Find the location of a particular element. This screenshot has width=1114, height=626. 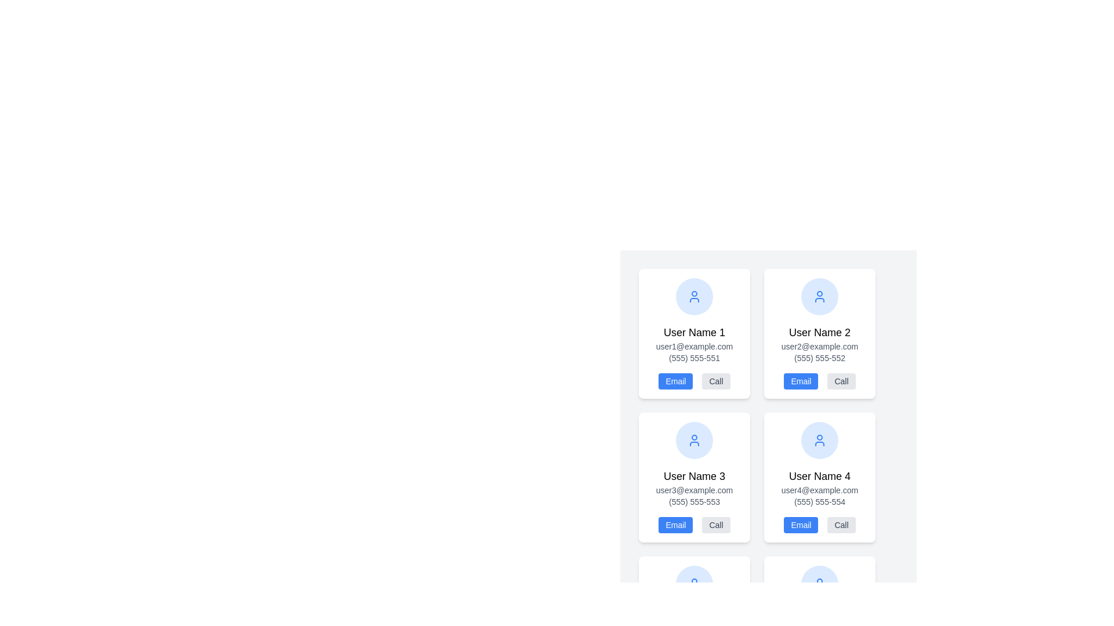

the Text Display element that shows the phone number '(555) 555-551', which is located beneath the email address 'user1@example.com' and above the buttons labeled 'Email' and 'Call' is located at coordinates (694, 357).